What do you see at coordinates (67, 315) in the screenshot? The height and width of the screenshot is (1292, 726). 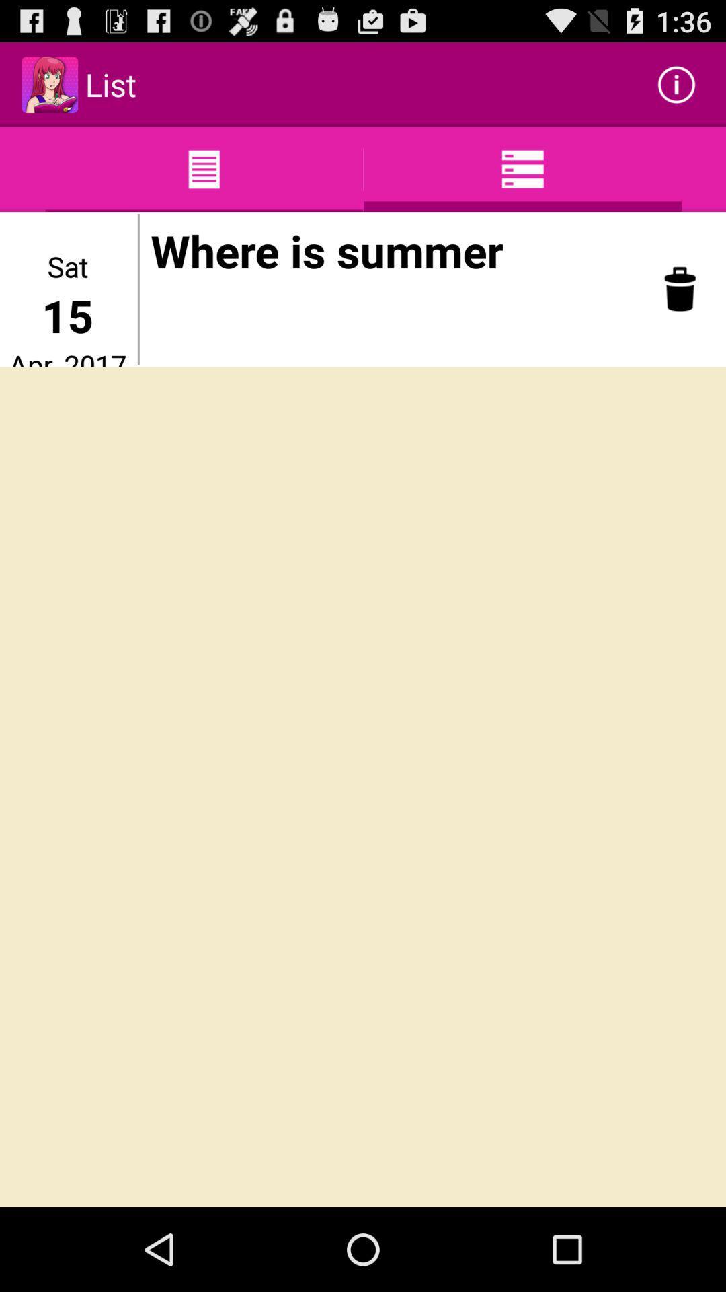 I see `item above apr, 2017 item` at bounding box center [67, 315].